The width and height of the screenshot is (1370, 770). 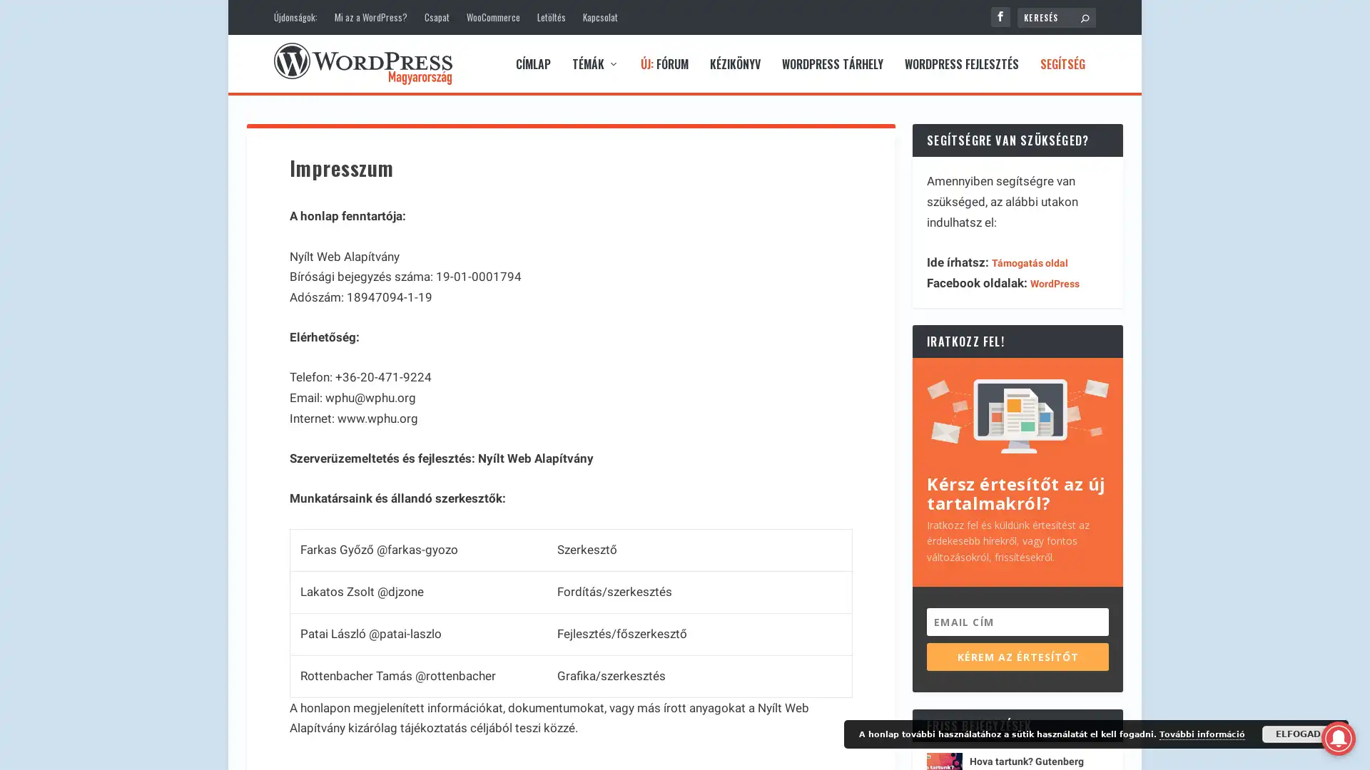 I want to click on KEREM AZ ERTESITOT, so click(x=1017, y=655).